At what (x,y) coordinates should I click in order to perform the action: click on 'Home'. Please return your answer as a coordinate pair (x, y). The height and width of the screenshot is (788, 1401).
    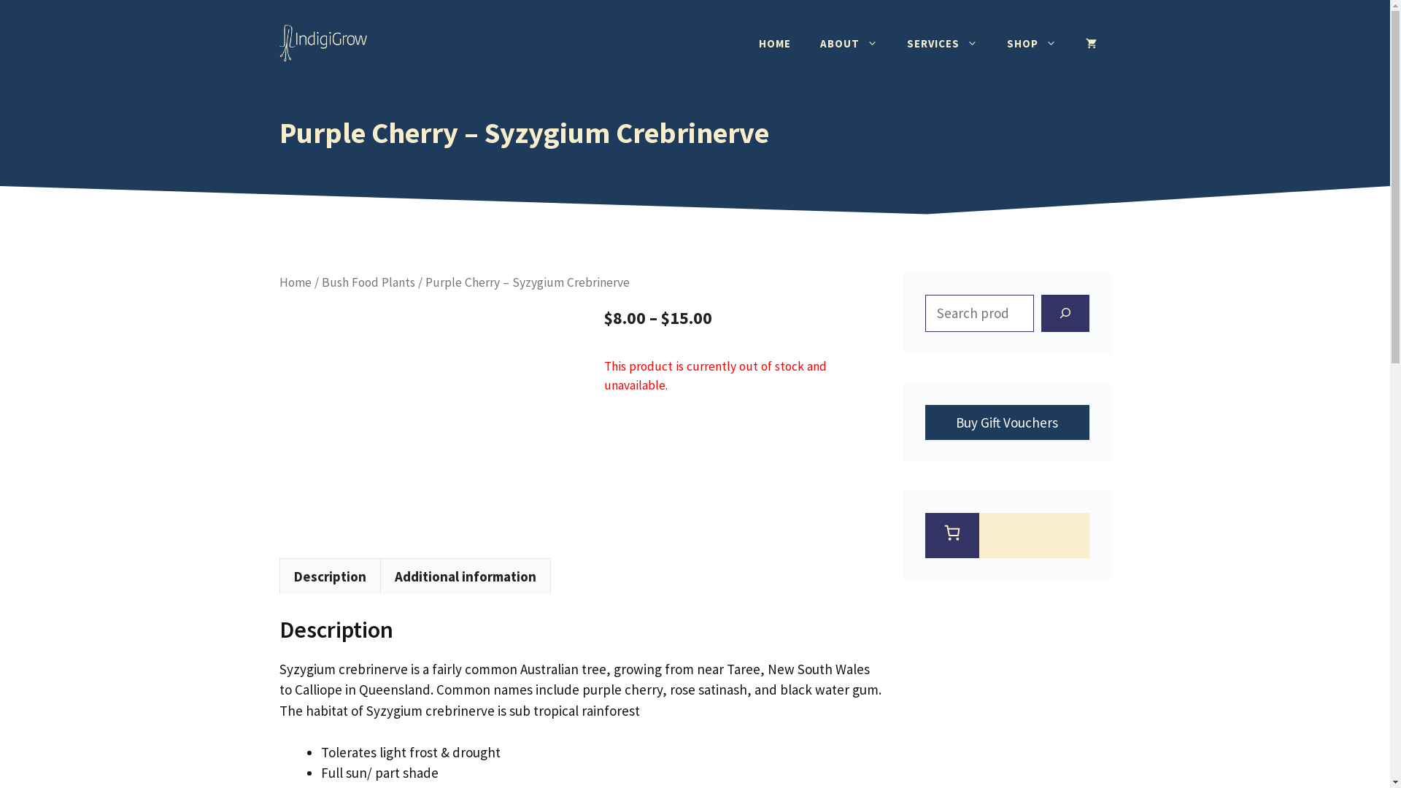
    Looking at the image, I should click on (279, 282).